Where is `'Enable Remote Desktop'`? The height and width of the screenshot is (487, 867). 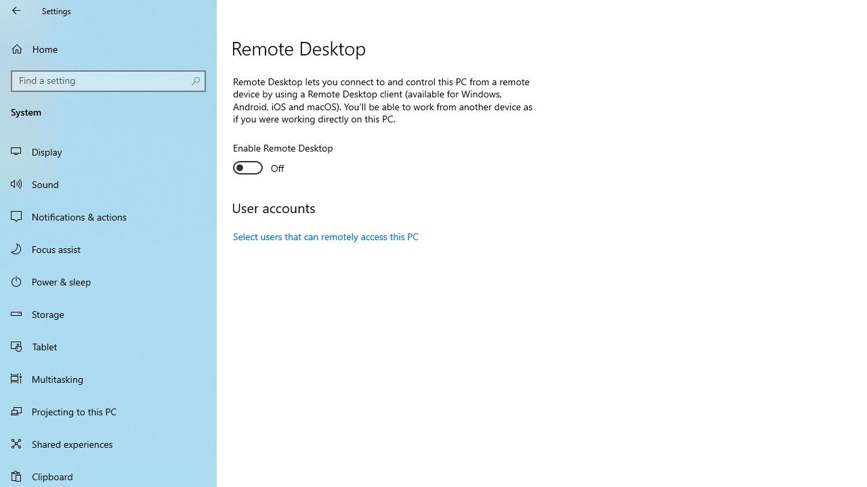 'Enable Remote Desktop' is located at coordinates (282, 159).